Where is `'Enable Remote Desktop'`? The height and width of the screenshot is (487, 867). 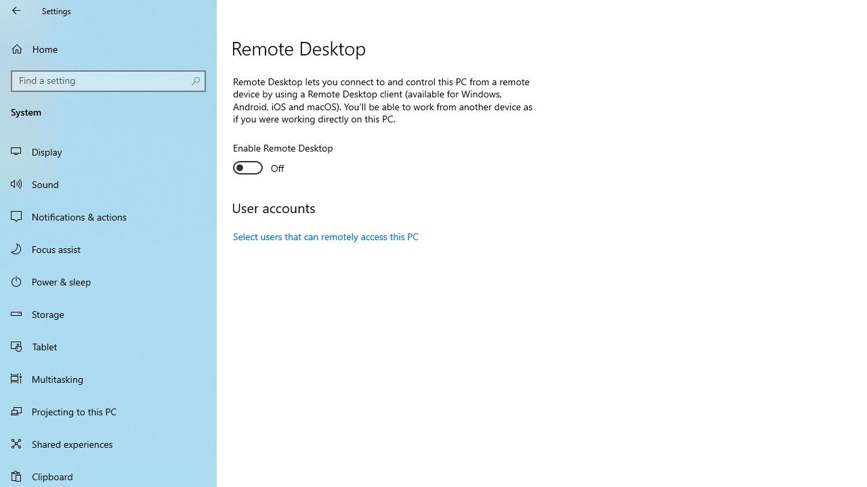 'Enable Remote Desktop' is located at coordinates (282, 159).